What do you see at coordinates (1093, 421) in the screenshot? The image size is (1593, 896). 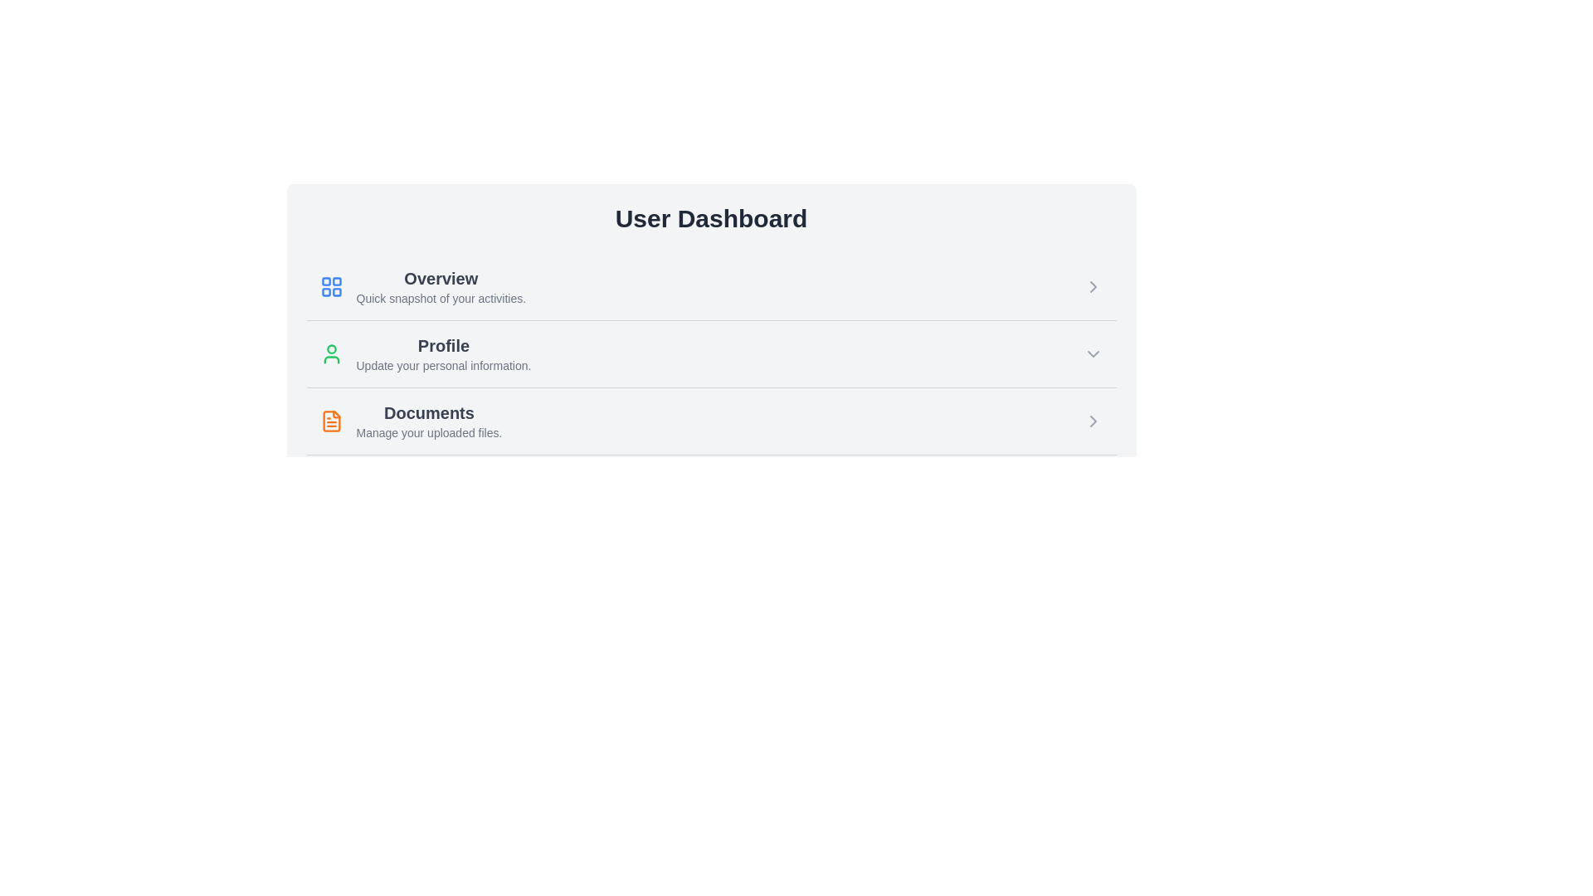 I see `the navigation icon at the end of the 'Documents' row in the user dashboard` at bounding box center [1093, 421].